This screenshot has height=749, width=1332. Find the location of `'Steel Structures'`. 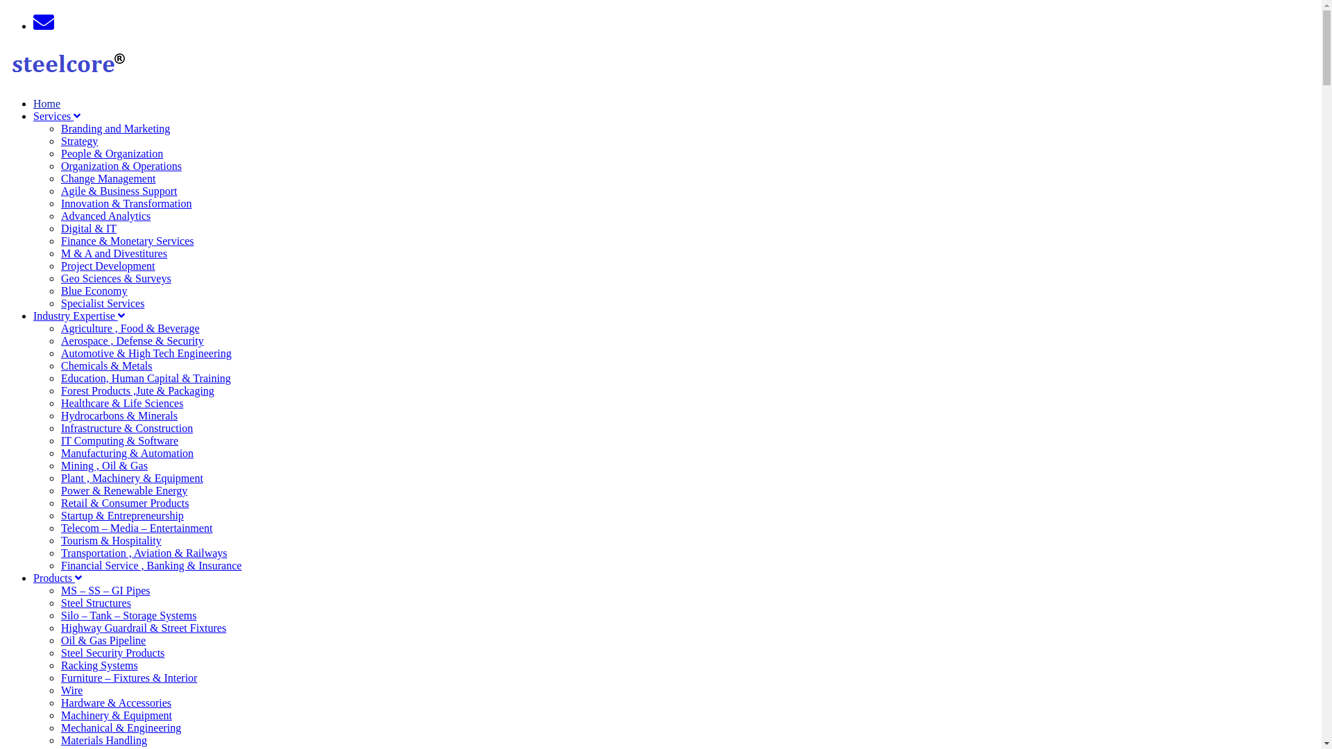

'Steel Structures' is located at coordinates (95, 602).